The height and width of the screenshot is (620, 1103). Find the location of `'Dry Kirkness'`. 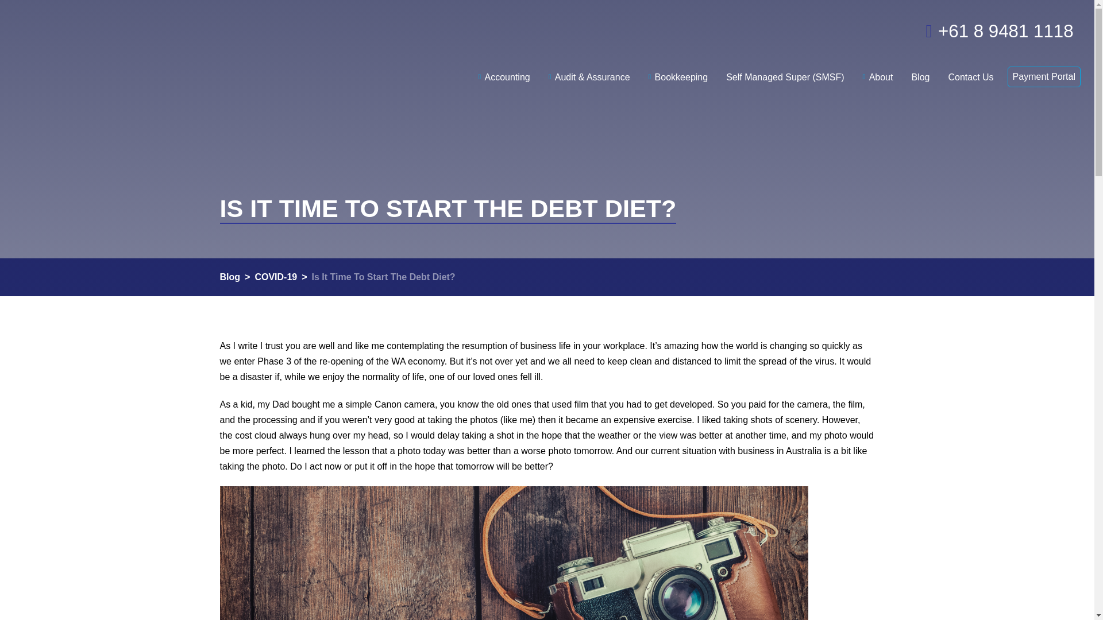

'Dry Kirkness' is located at coordinates (138, 45).